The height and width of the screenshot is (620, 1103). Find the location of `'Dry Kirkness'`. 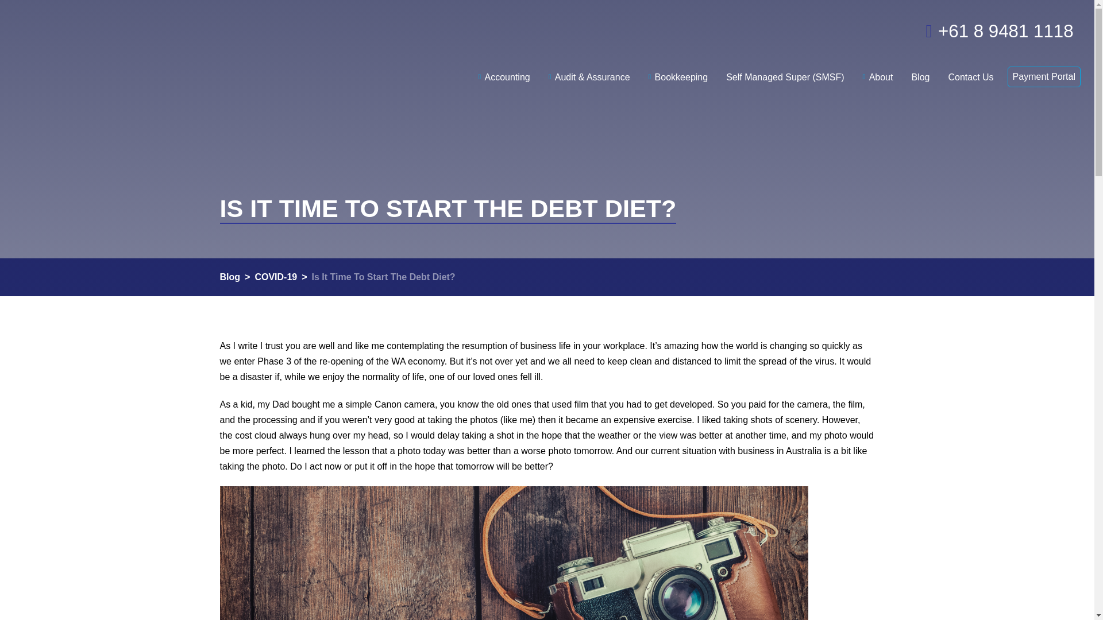

'Dry Kirkness' is located at coordinates (138, 45).